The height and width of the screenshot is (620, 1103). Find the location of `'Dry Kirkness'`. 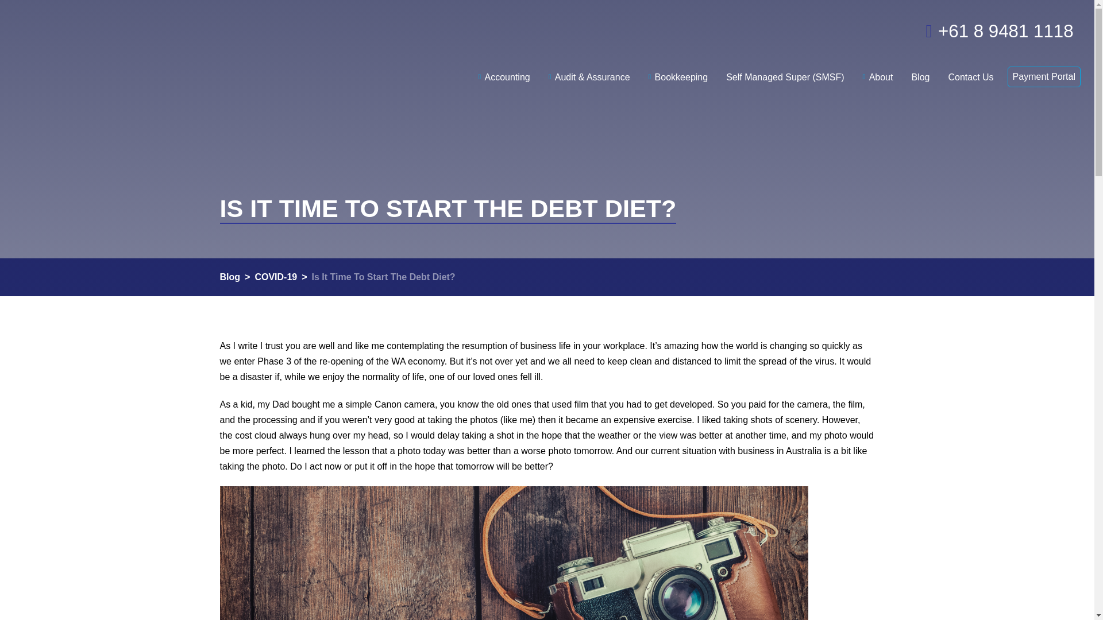

'Dry Kirkness' is located at coordinates (138, 45).